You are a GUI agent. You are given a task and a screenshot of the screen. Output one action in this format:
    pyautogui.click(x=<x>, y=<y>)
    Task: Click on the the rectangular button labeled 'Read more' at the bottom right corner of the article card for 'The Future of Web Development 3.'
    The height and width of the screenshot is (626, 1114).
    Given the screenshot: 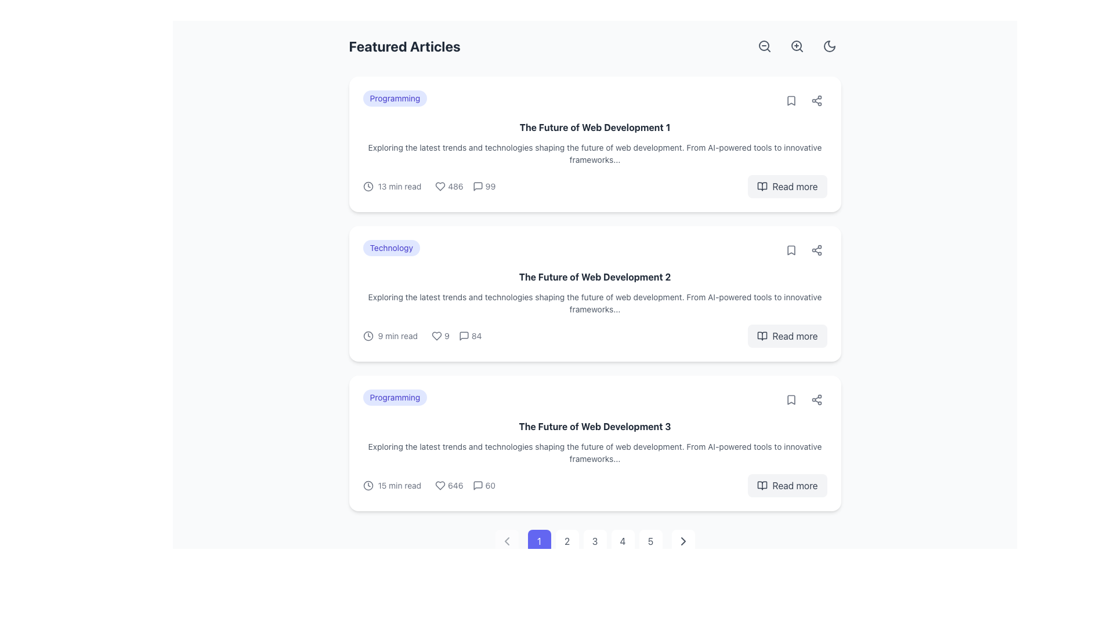 What is the action you would take?
    pyautogui.click(x=787, y=485)
    